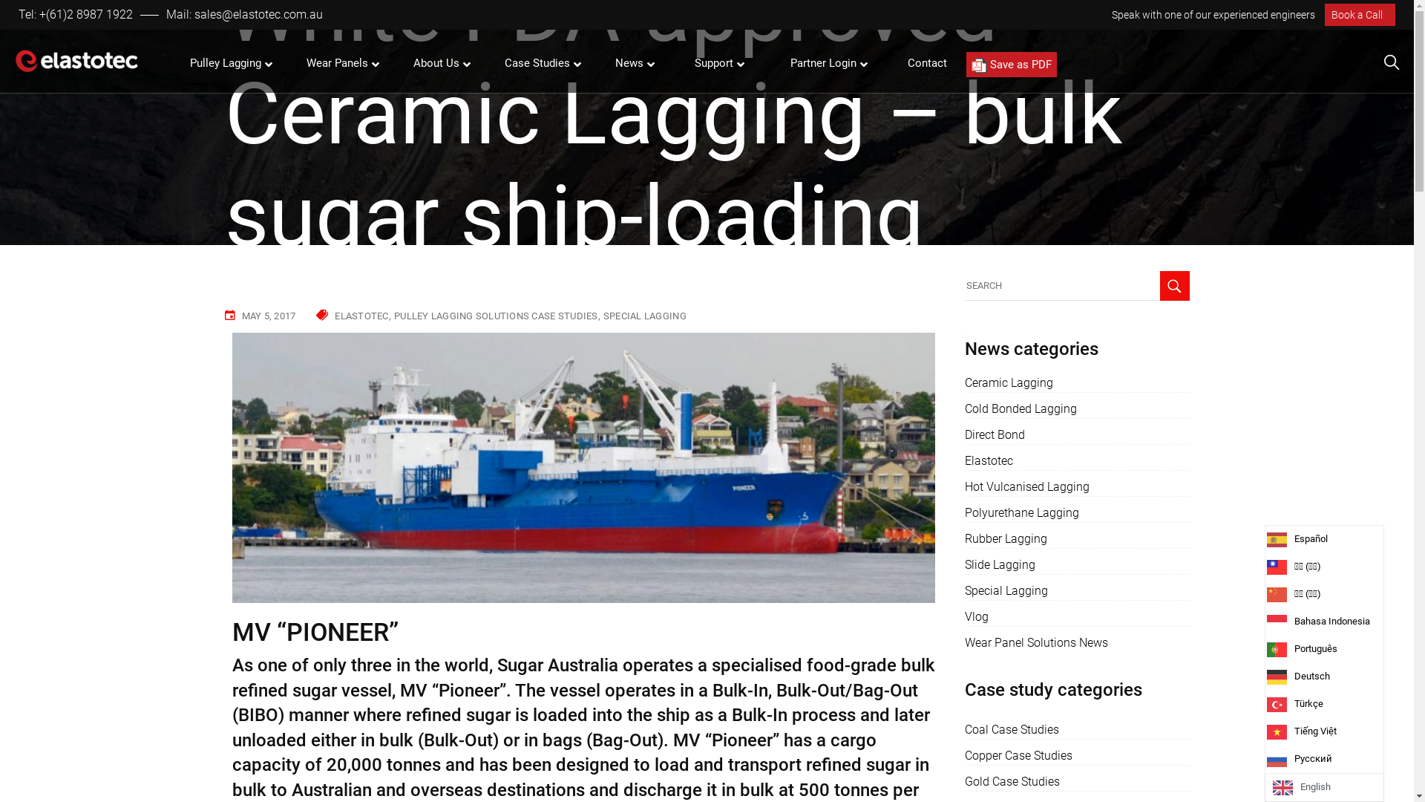 The width and height of the screenshot is (1425, 802). What do you see at coordinates (1006, 538) in the screenshot?
I see `'Rubber Lagging'` at bounding box center [1006, 538].